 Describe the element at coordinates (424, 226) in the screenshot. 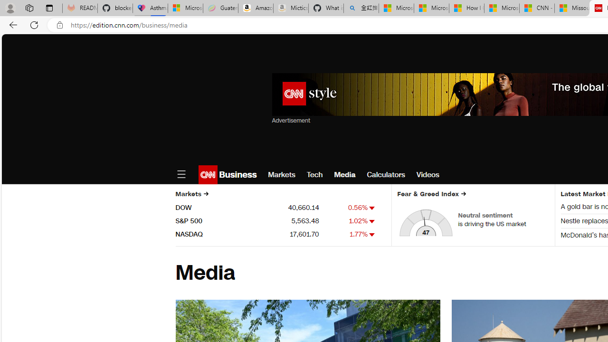

I see `'Class: market-fng-gauge__hand-svg'` at that location.